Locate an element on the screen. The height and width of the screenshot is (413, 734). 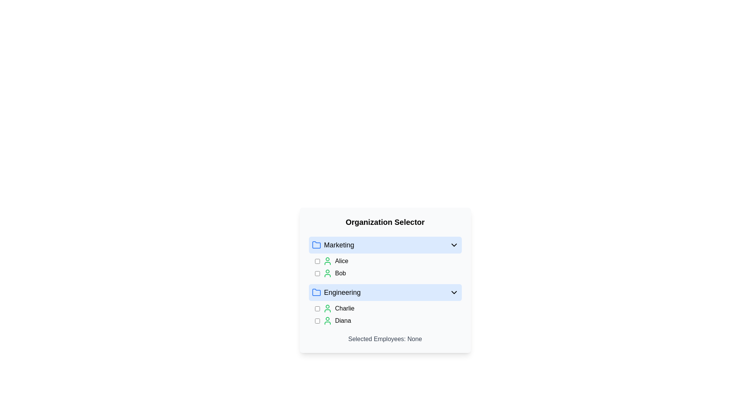
the second folder icon in the 'Organization Selector' list, located to the left of the text 'Engineering' is located at coordinates (316, 292).